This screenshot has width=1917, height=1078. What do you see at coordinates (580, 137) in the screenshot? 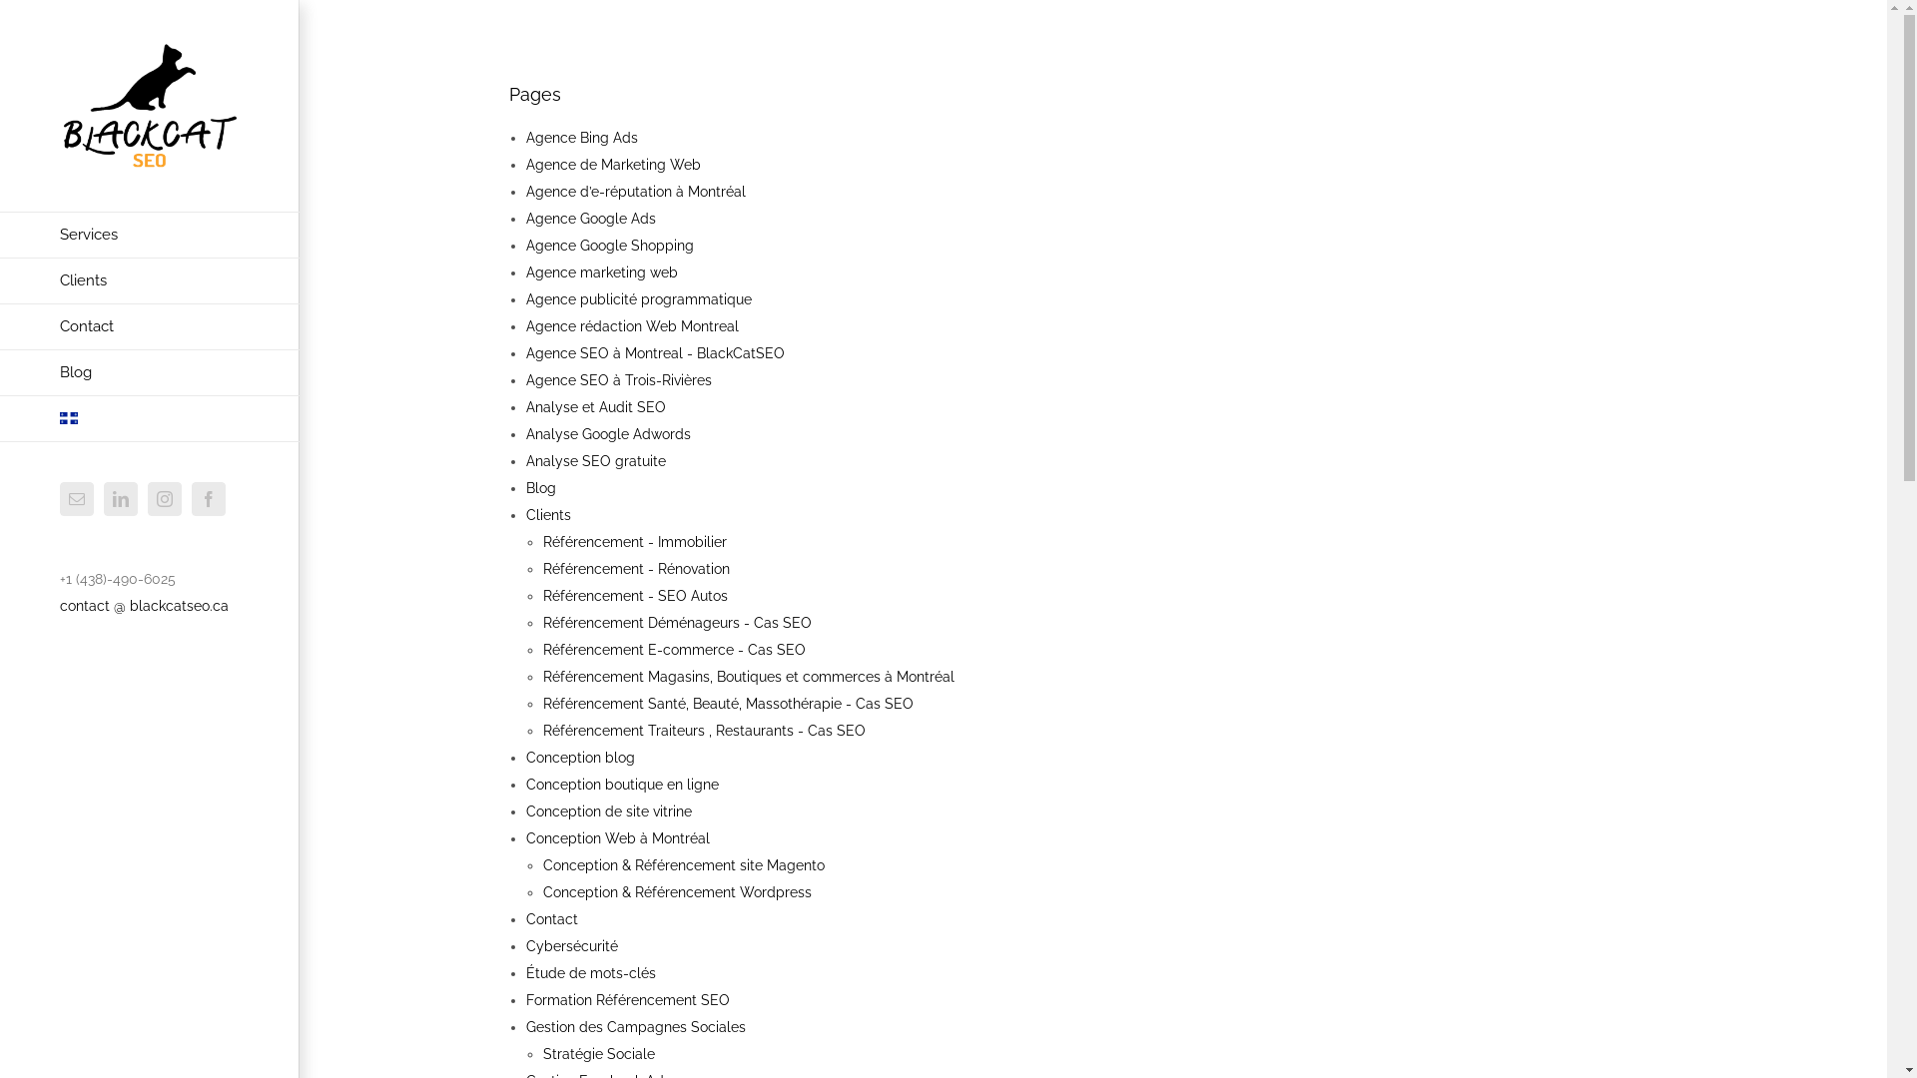
I see `'Agence Bing Ads'` at bounding box center [580, 137].